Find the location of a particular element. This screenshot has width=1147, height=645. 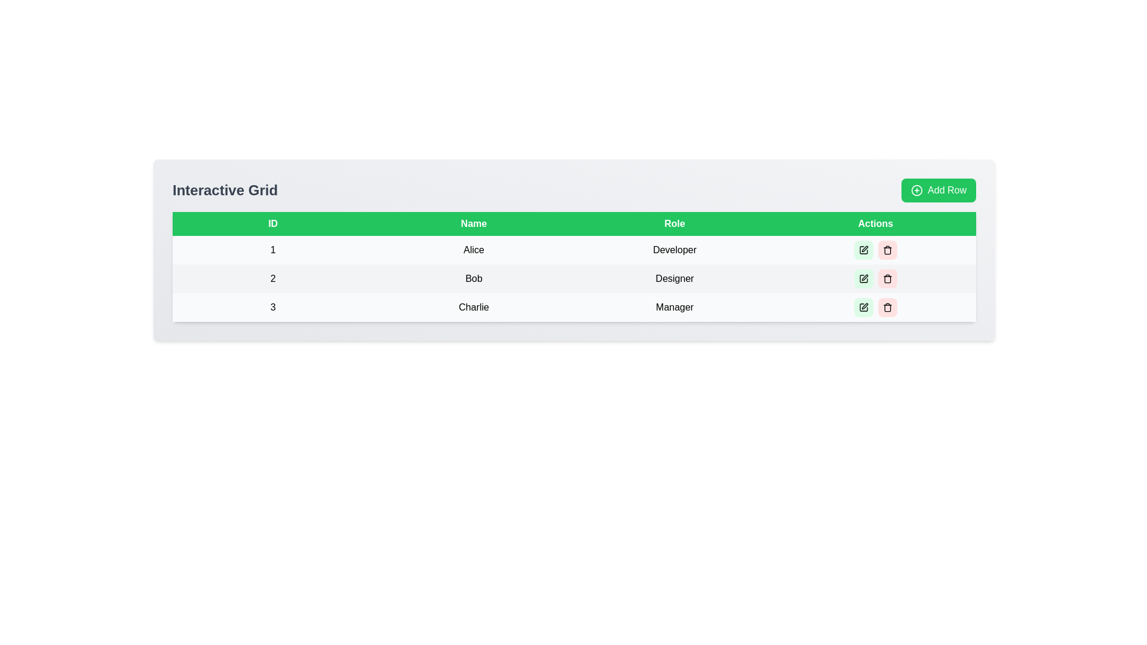

the second row in the table which summarizes specific details including ID, name, and role is located at coordinates (574, 278).